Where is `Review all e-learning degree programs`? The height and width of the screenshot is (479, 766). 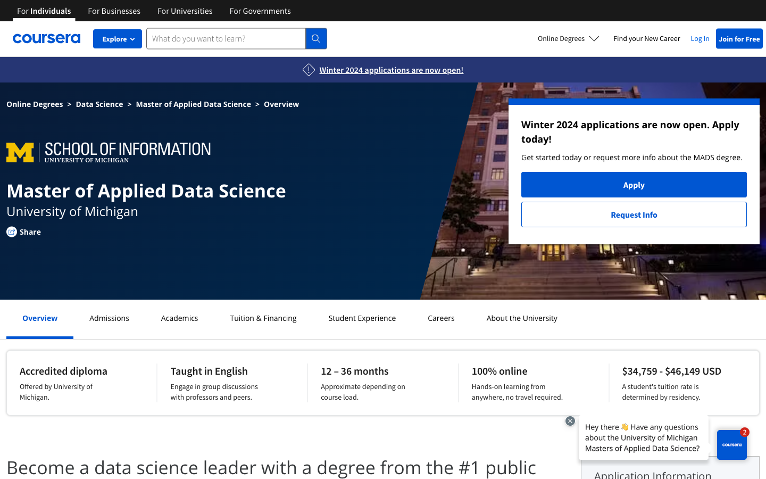 Review all e-learning degree programs is located at coordinates (569, 38).